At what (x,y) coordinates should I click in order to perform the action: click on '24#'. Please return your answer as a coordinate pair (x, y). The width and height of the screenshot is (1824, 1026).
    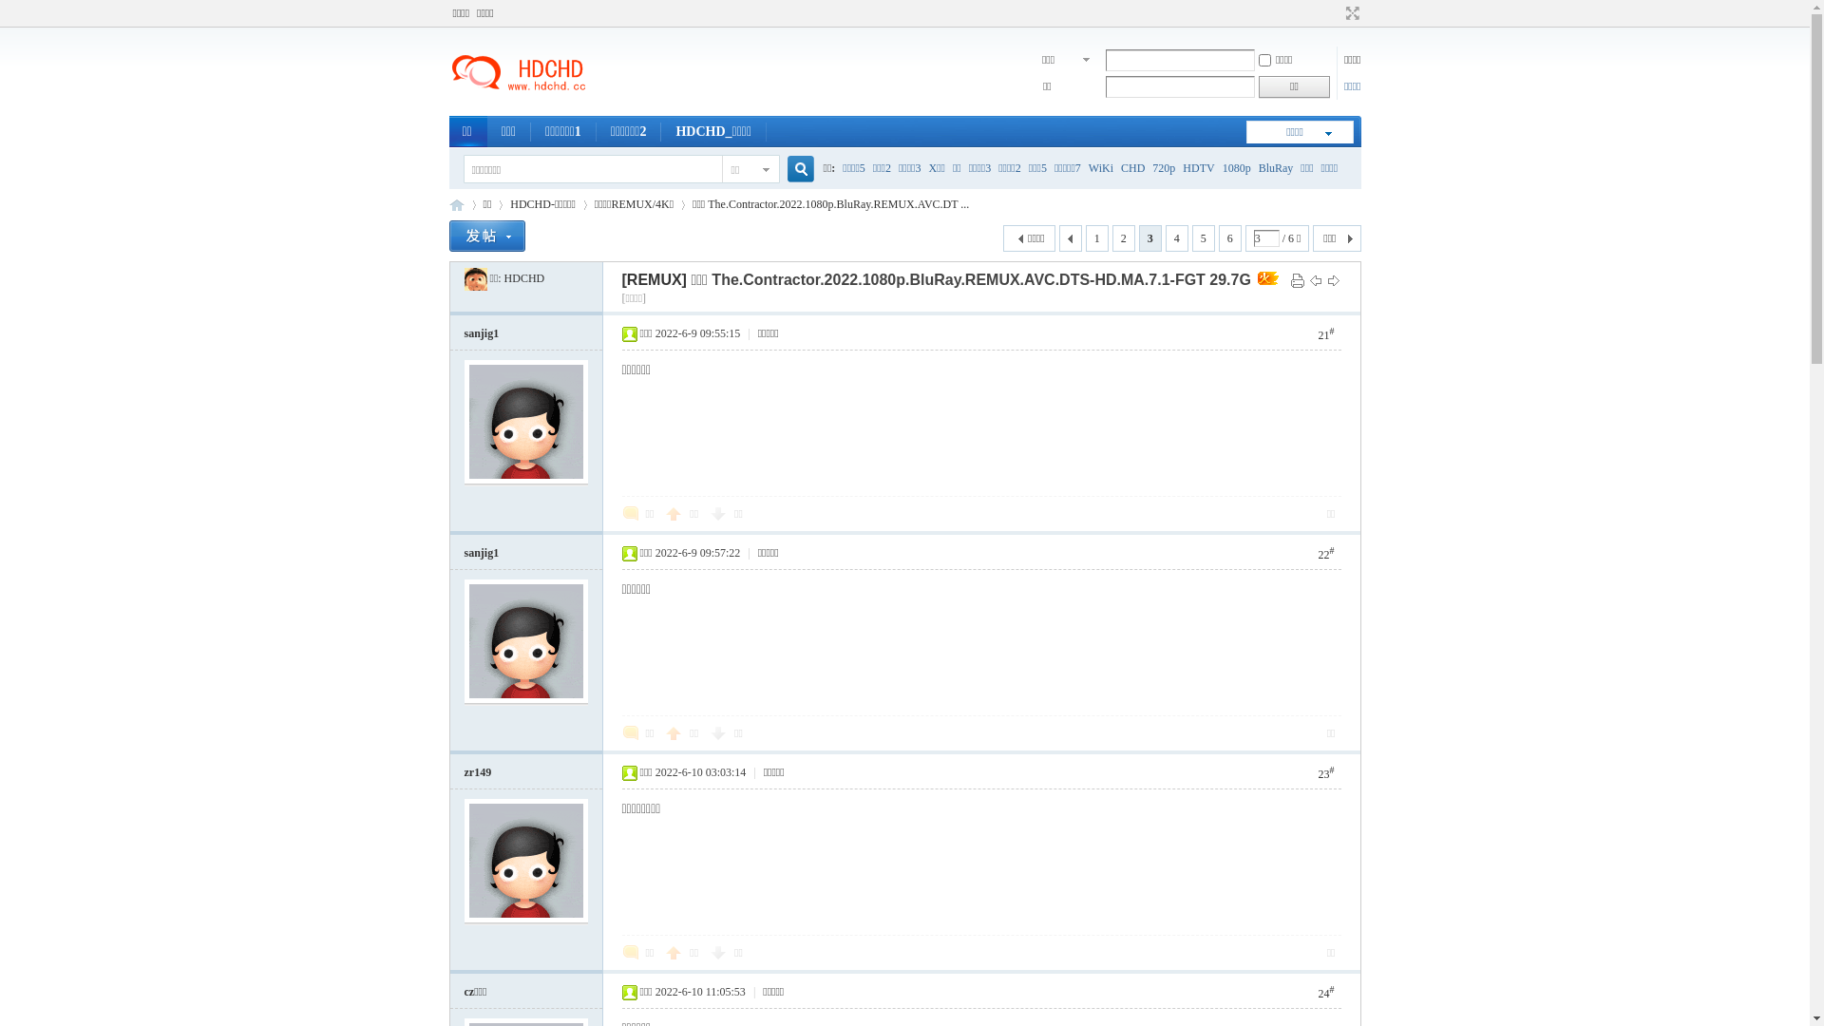
    Looking at the image, I should click on (1324, 991).